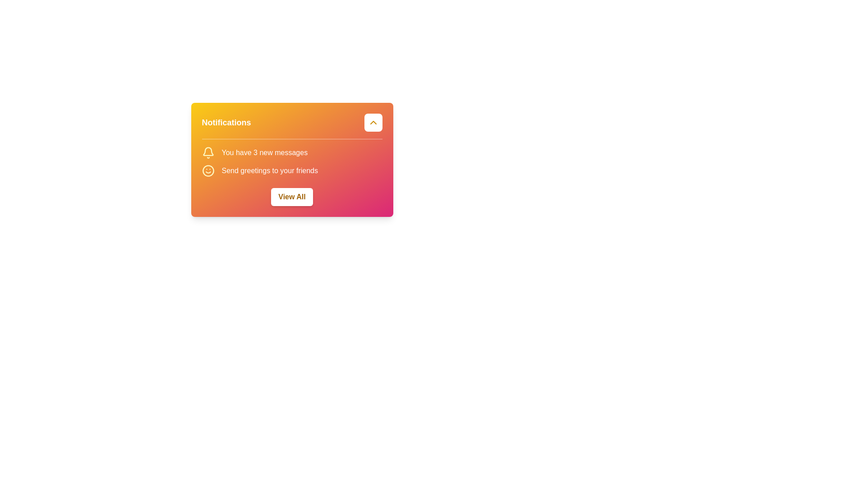 This screenshot has height=487, width=866. What do you see at coordinates (207, 151) in the screenshot?
I see `the bell-shaped notification icon located in the header of the notification panel` at bounding box center [207, 151].